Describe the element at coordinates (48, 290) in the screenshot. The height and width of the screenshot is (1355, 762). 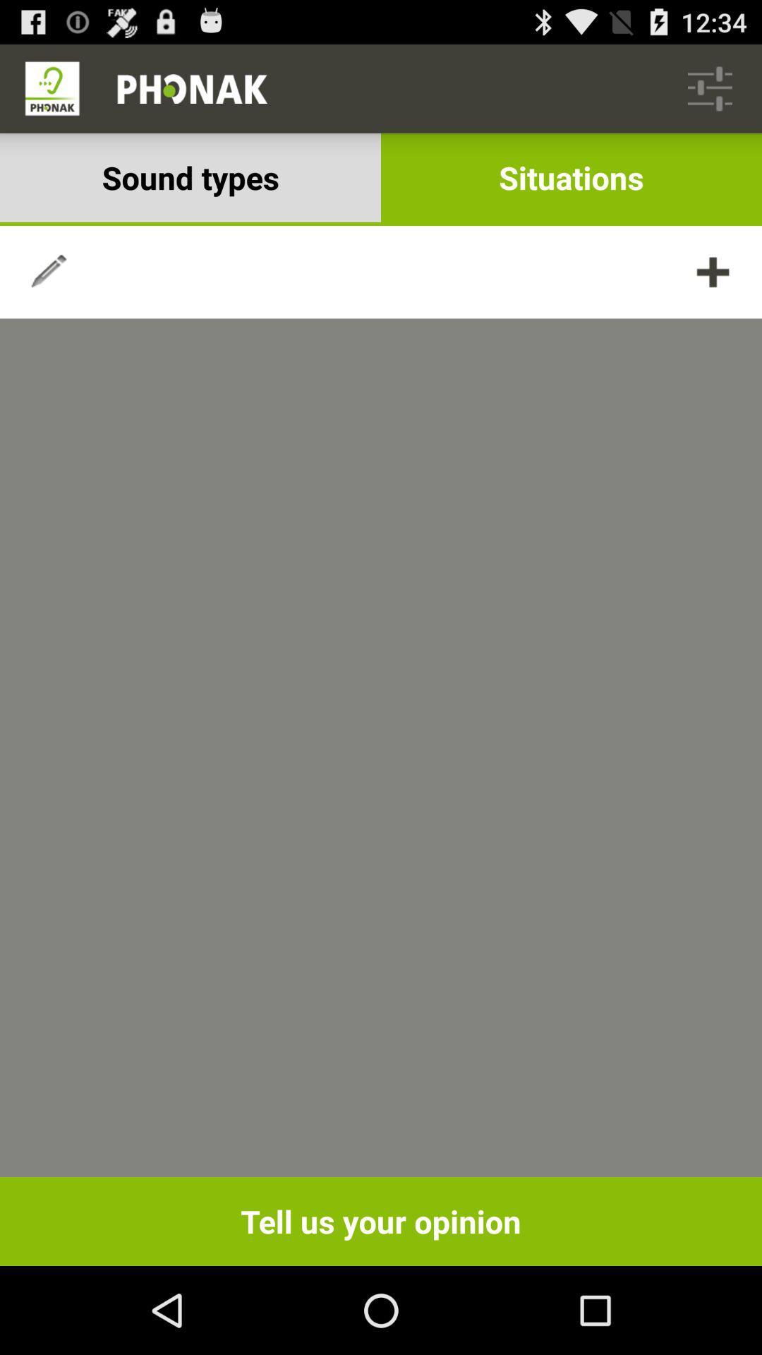
I see `the edit icon` at that location.